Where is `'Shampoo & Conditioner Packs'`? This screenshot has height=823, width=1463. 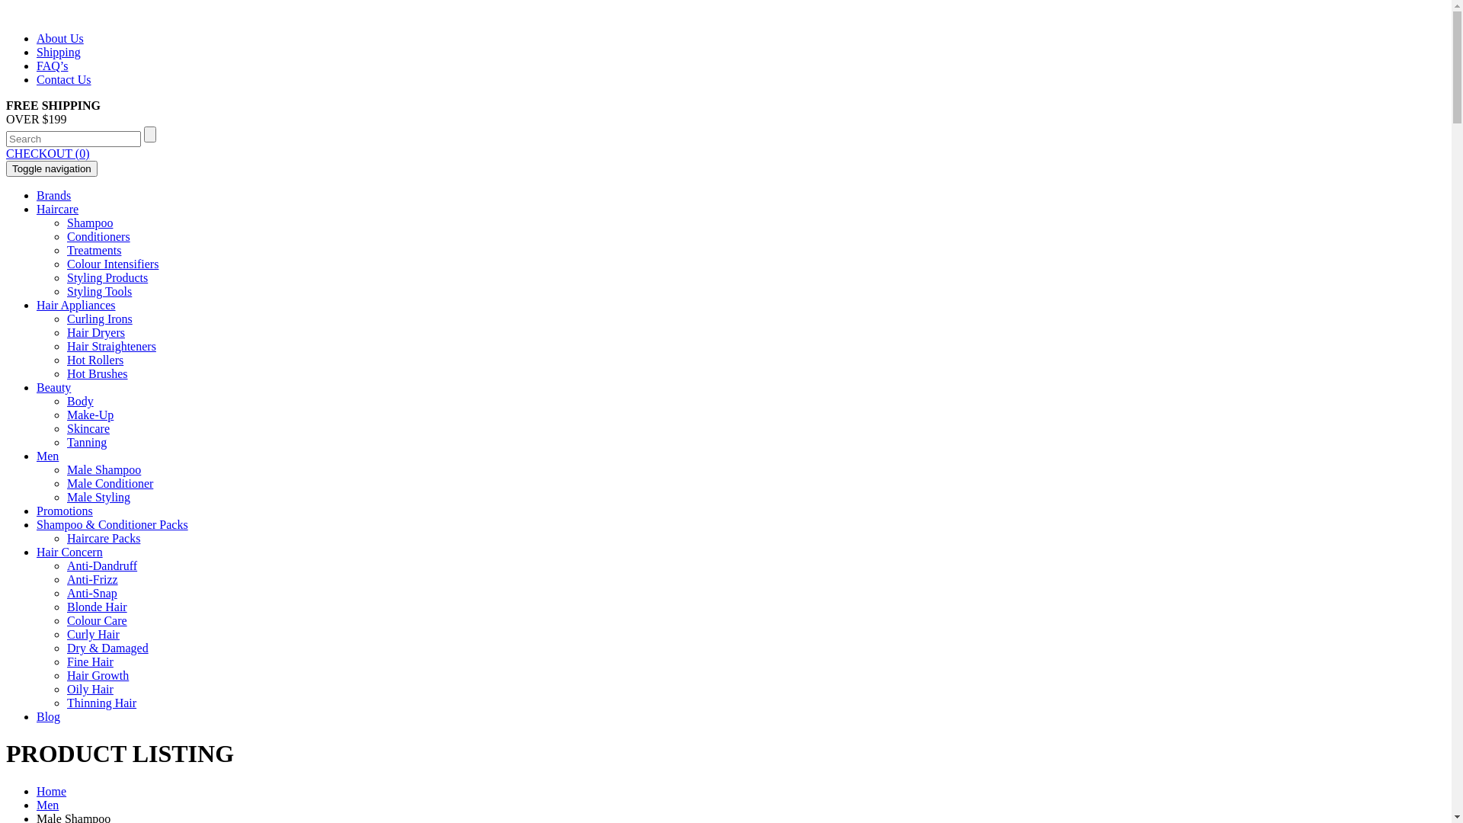
'Shampoo & Conditioner Packs' is located at coordinates (111, 524).